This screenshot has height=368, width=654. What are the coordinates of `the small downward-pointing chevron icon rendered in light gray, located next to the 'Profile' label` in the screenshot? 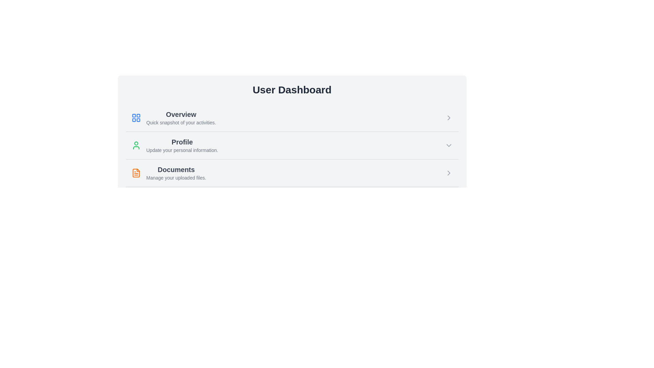 It's located at (449, 145).